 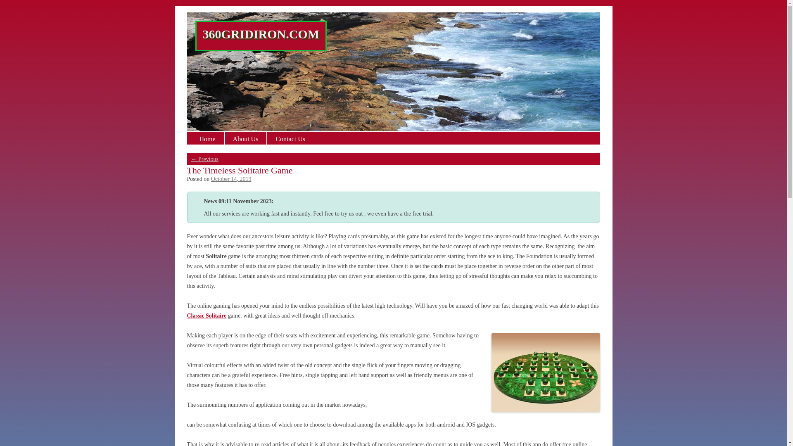 What do you see at coordinates (224, 138) in the screenshot?
I see `'About Us'` at bounding box center [224, 138].